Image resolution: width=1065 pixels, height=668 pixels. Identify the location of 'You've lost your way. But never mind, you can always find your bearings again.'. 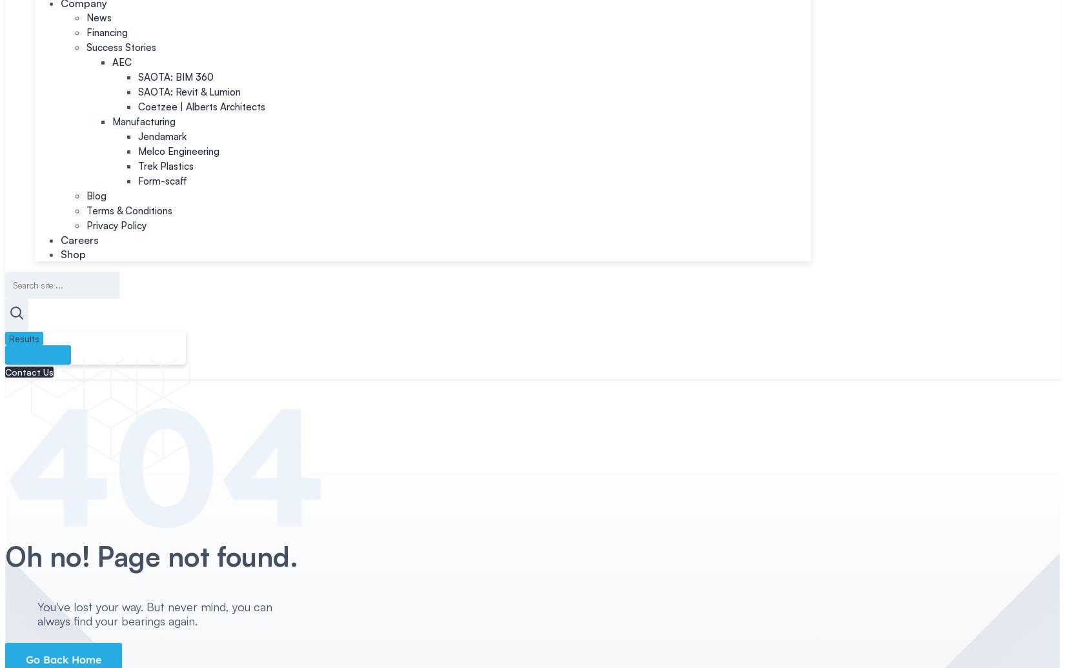
(155, 612).